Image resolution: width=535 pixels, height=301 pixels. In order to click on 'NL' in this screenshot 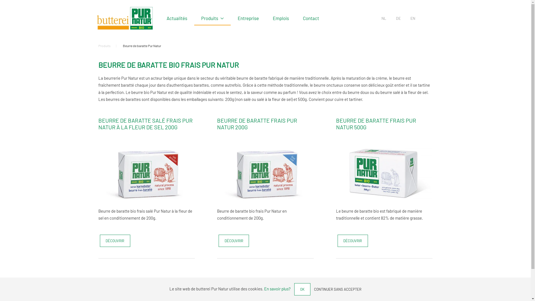, I will do `click(383, 18)`.